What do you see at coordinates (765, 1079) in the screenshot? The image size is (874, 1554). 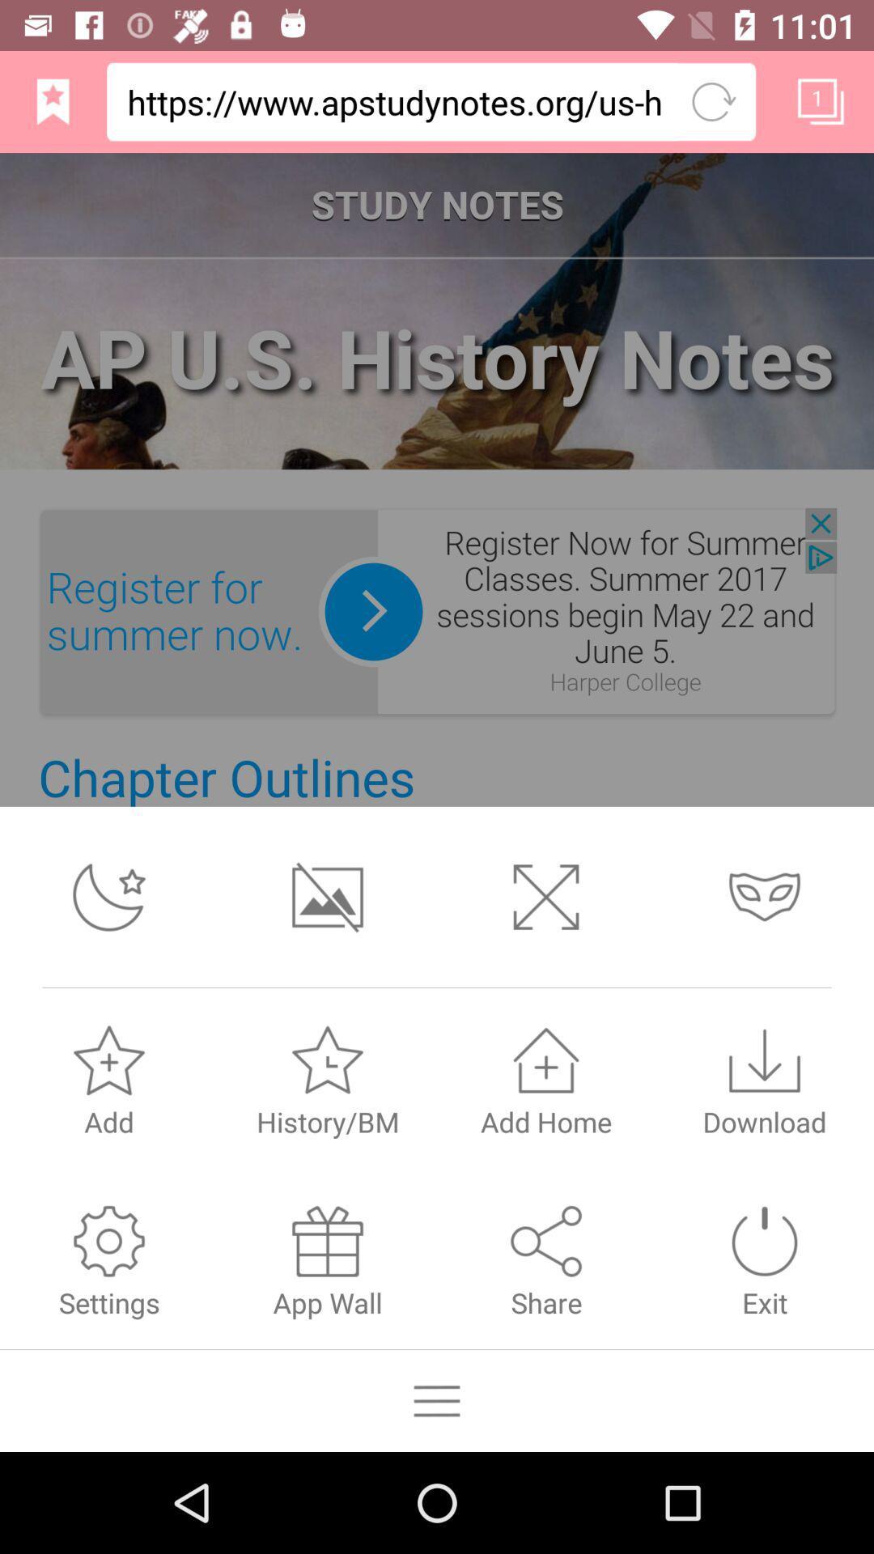 I see `the download icon above exit` at bounding box center [765, 1079].